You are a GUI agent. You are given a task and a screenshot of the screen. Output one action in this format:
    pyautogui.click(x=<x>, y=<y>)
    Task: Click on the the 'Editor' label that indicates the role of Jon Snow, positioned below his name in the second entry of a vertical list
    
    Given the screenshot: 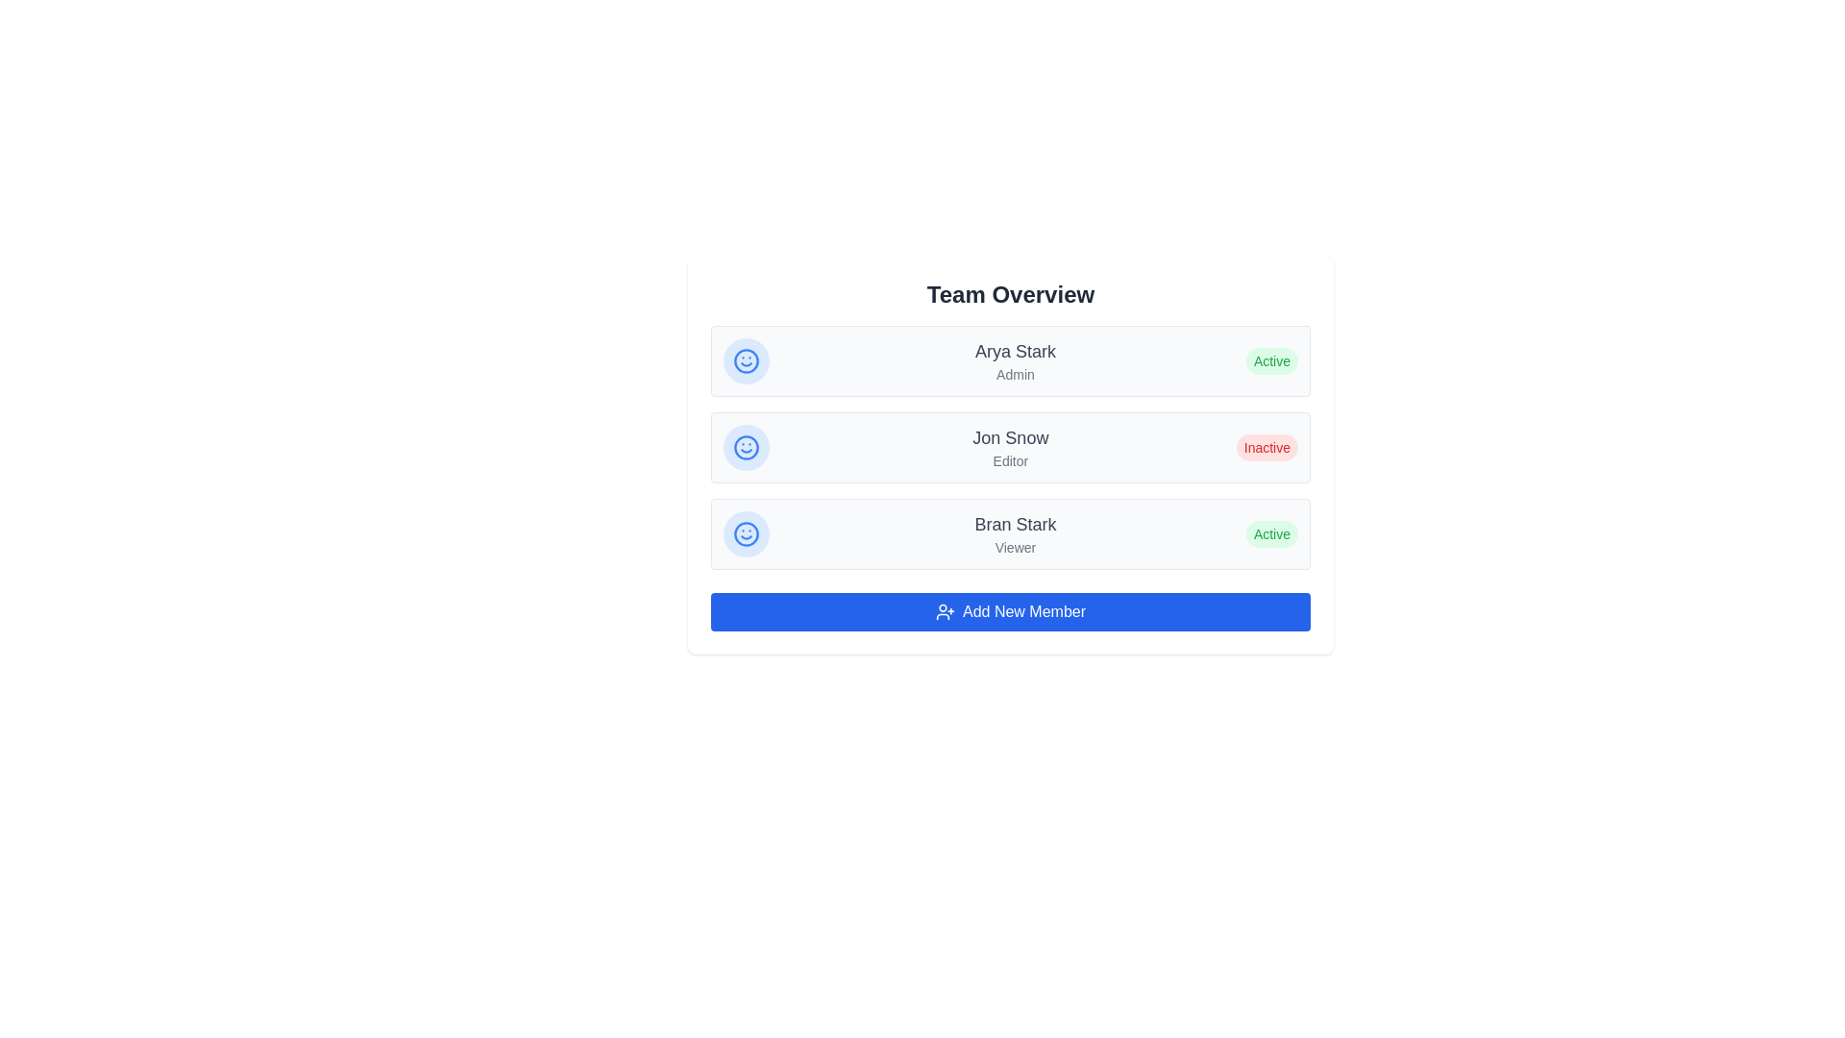 What is the action you would take?
    pyautogui.click(x=1009, y=460)
    